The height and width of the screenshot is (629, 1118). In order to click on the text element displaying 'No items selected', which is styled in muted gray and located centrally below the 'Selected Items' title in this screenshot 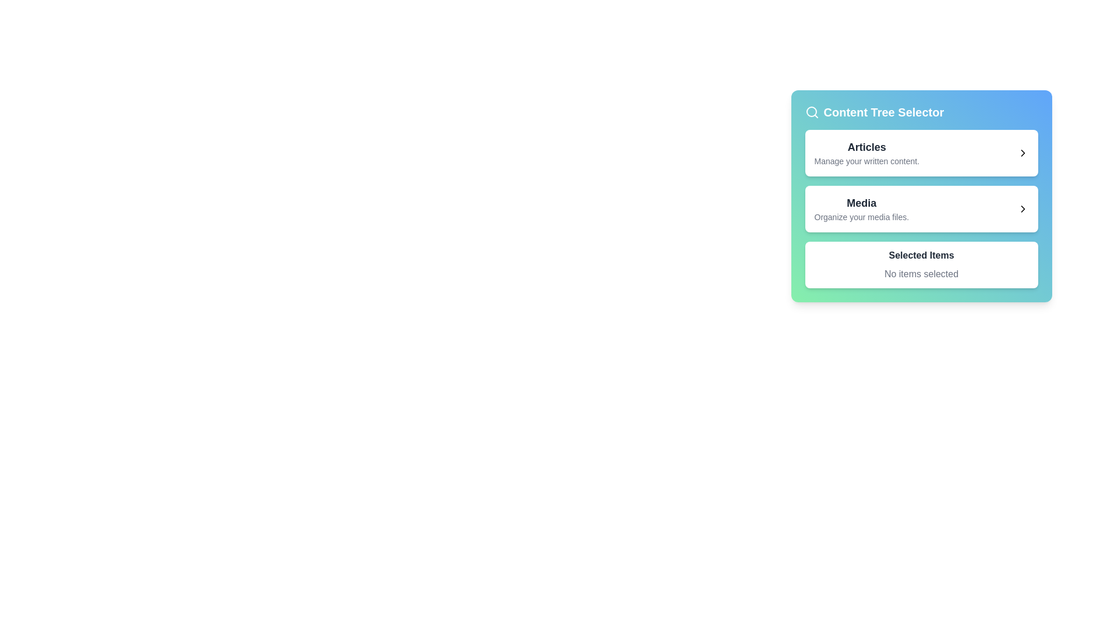, I will do `click(921, 274)`.